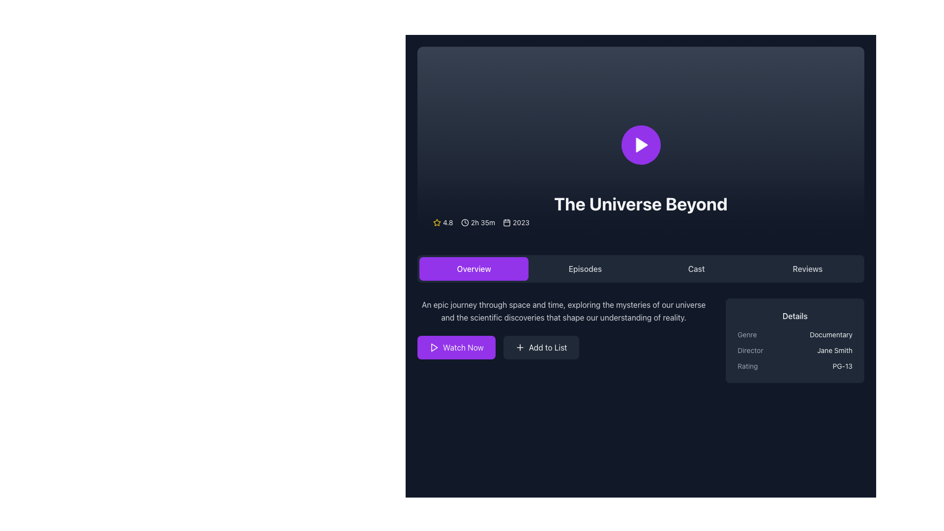 Image resolution: width=944 pixels, height=531 pixels. Describe the element at coordinates (456, 347) in the screenshot. I see `the first button in the bottom-left section of the interface` at that location.